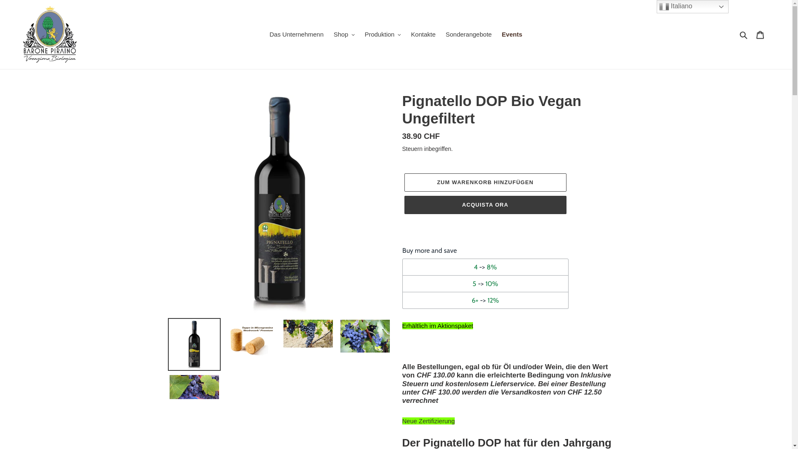  What do you see at coordinates (744, 34) in the screenshot?
I see `'Suchen'` at bounding box center [744, 34].